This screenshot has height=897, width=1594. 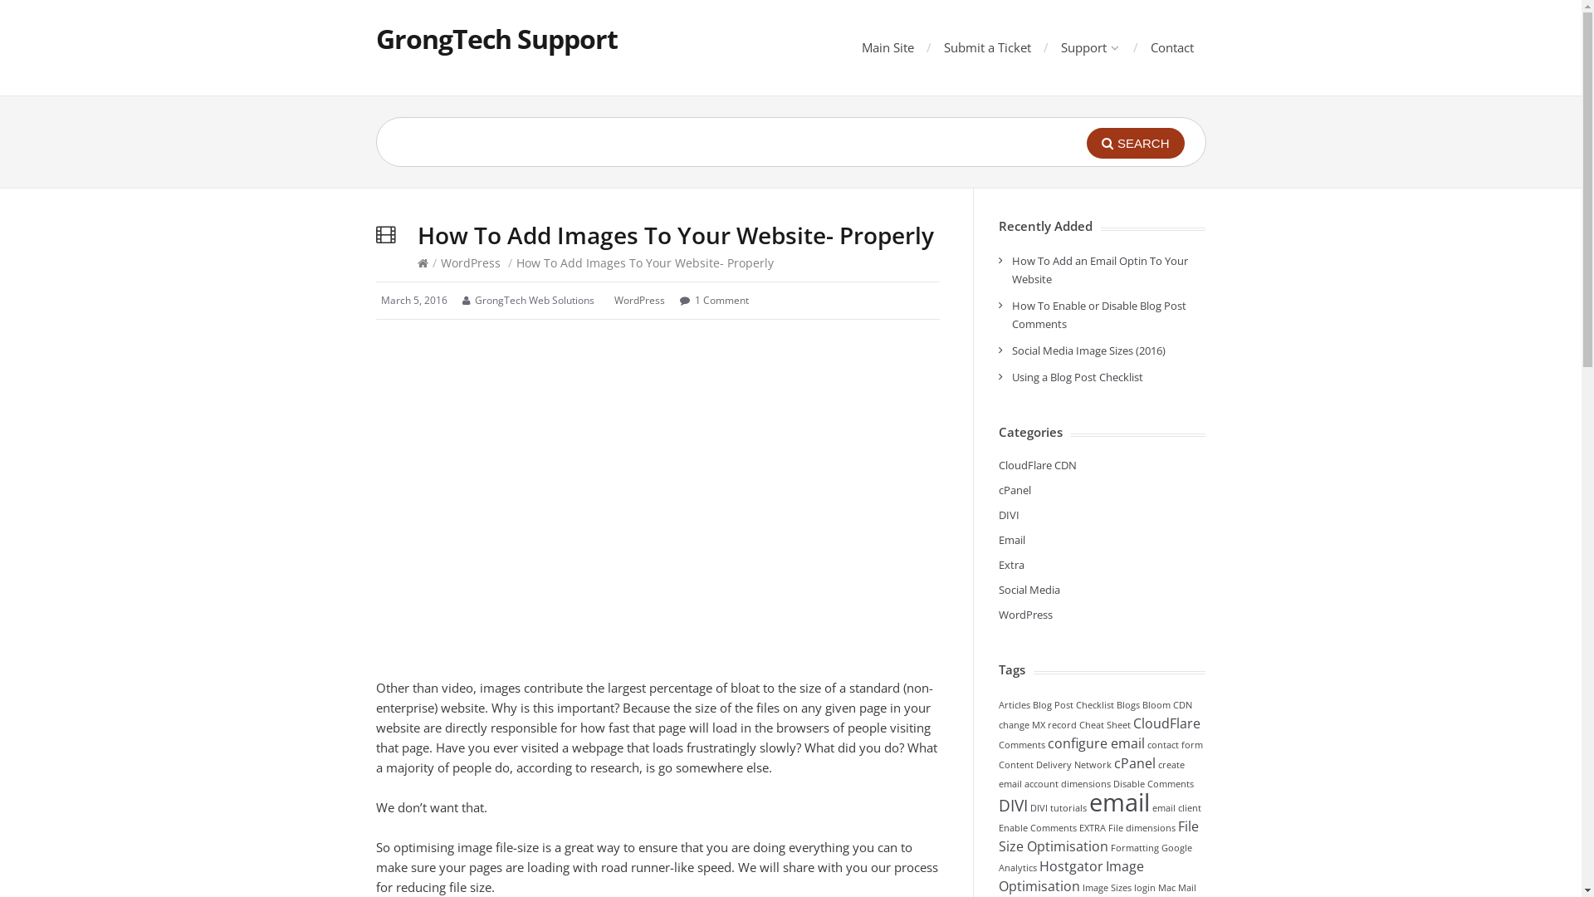 I want to click on 'How To Add an Email Optin To Your Website', so click(x=1099, y=268).